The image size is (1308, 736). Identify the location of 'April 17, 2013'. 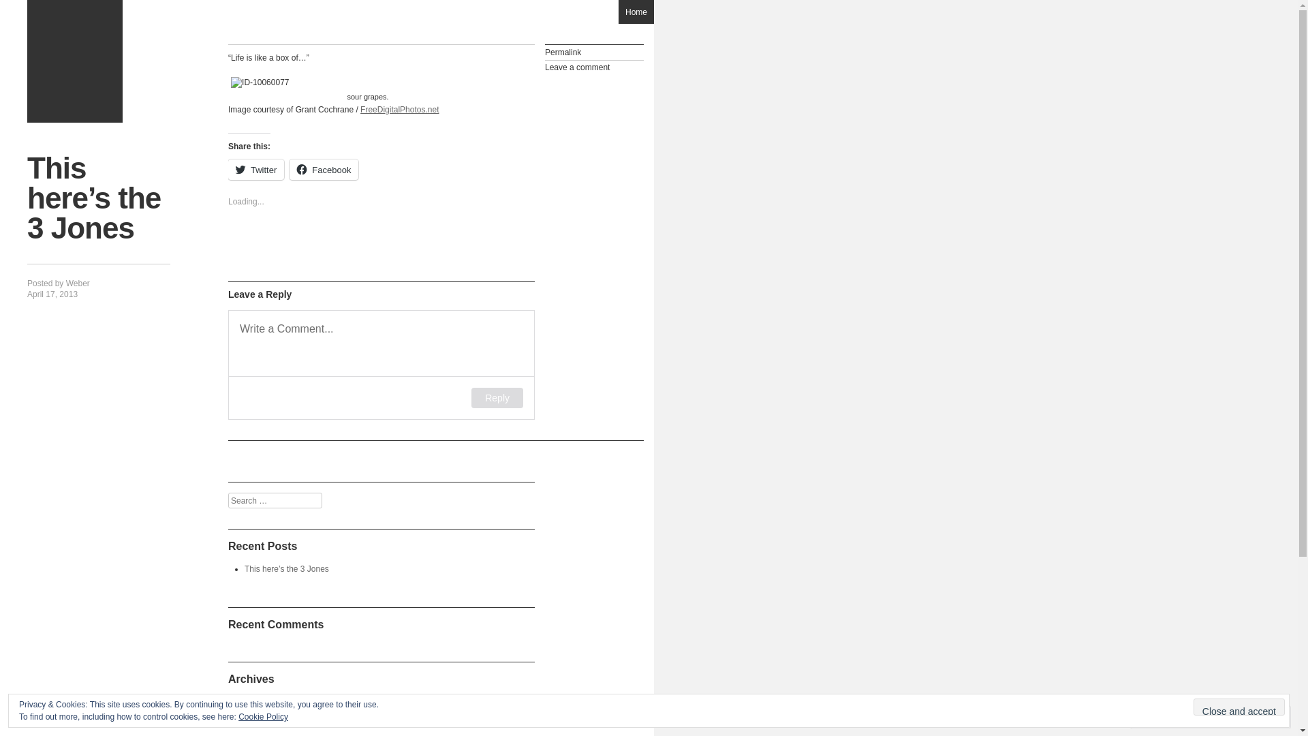
(52, 294).